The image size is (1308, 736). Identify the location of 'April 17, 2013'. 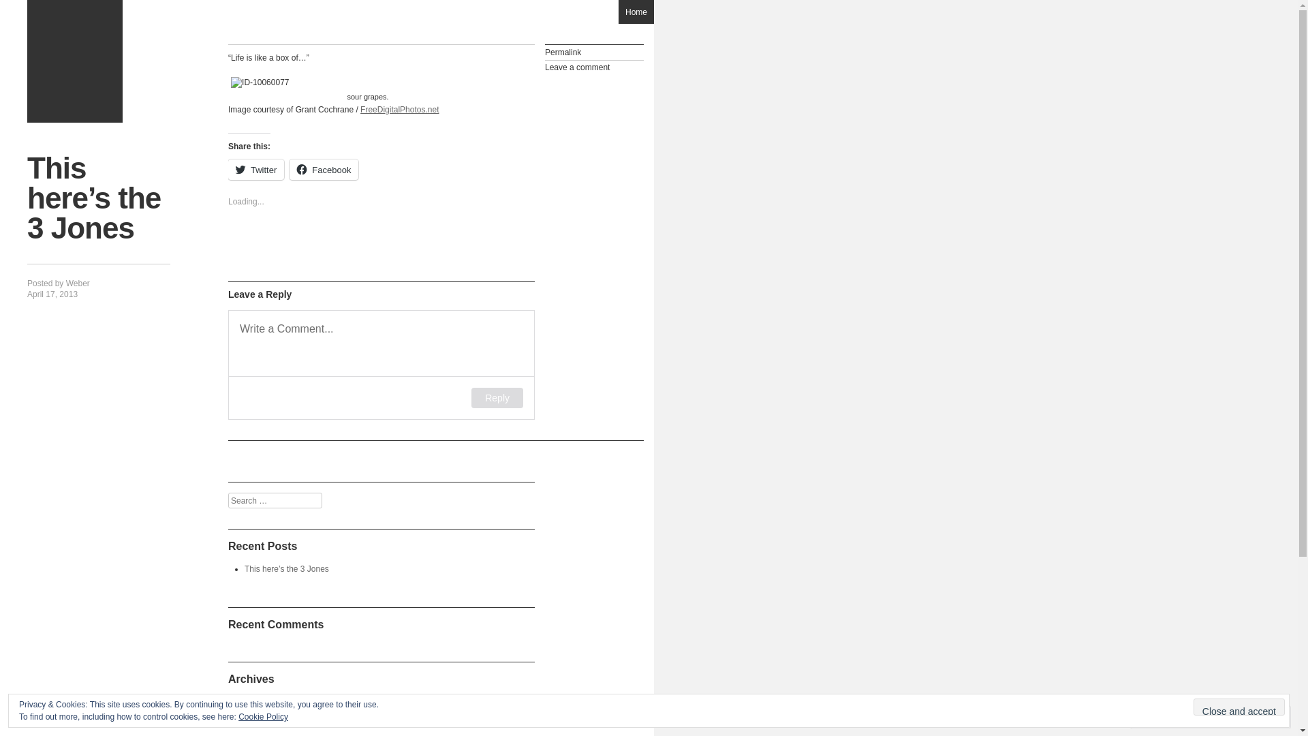
(52, 294).